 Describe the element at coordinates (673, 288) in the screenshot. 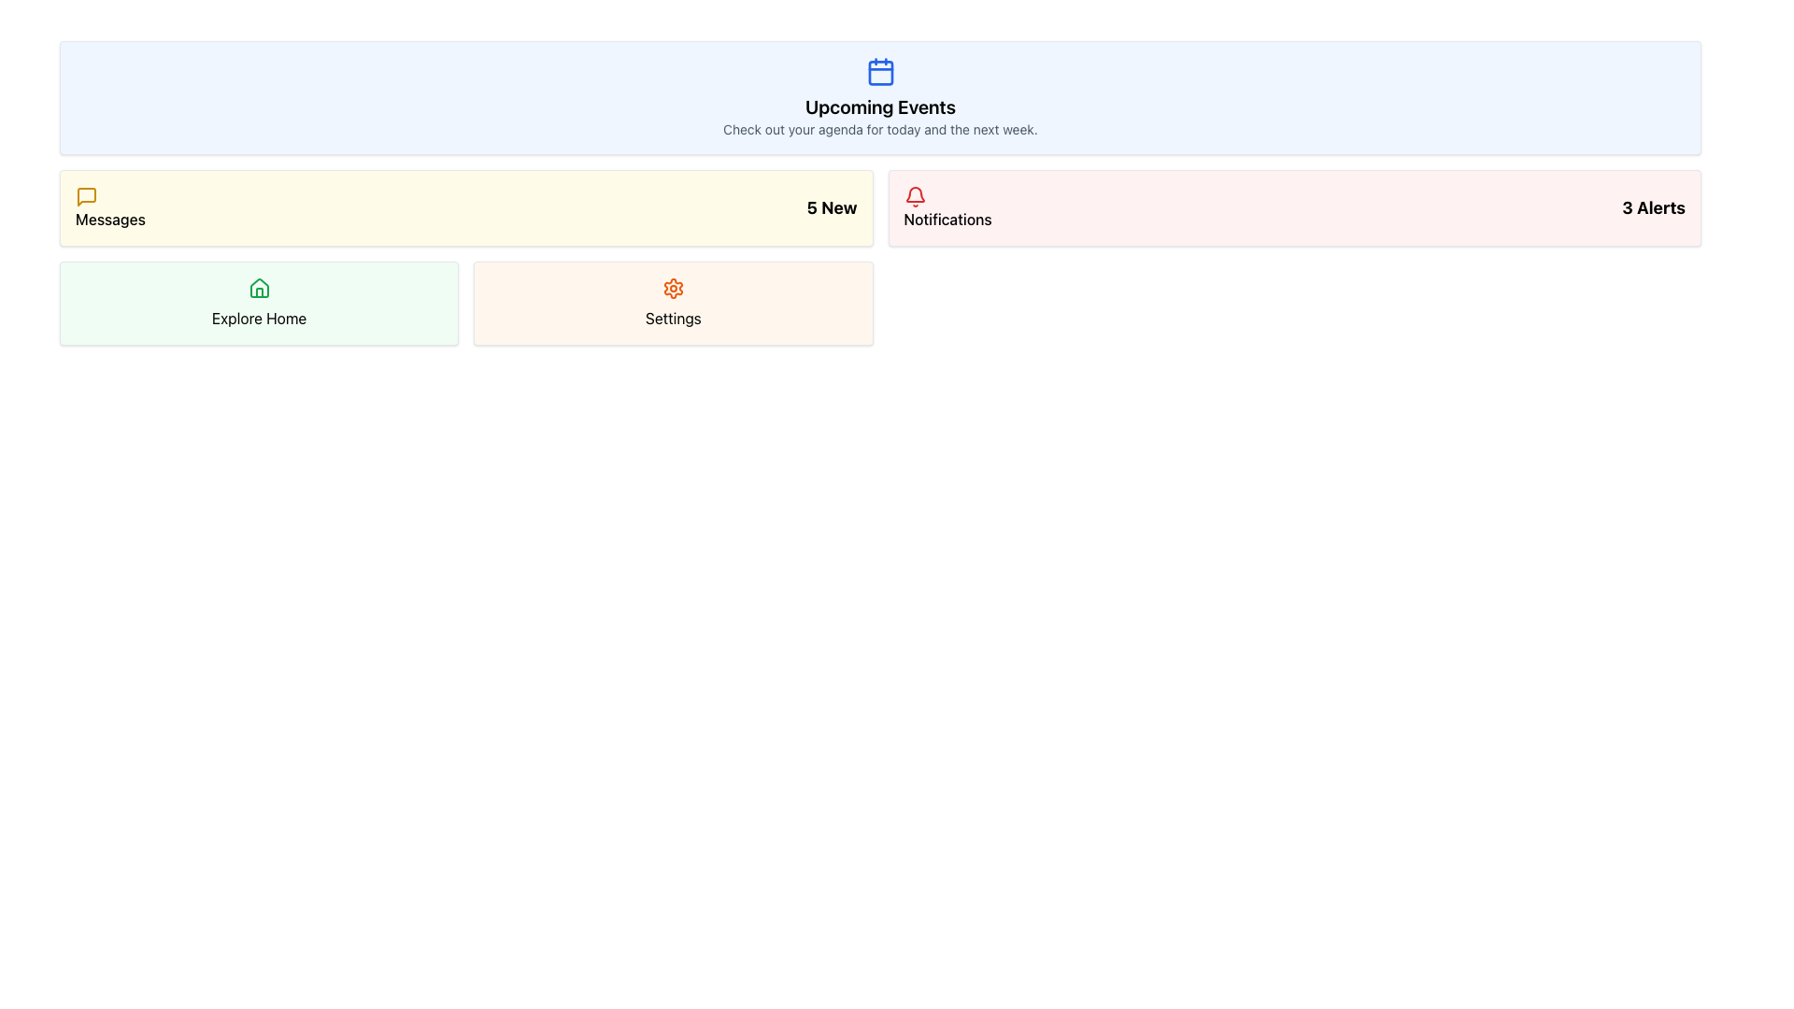

I see `the orange-circled gear icon in the settings section to interact with settings` at that location.